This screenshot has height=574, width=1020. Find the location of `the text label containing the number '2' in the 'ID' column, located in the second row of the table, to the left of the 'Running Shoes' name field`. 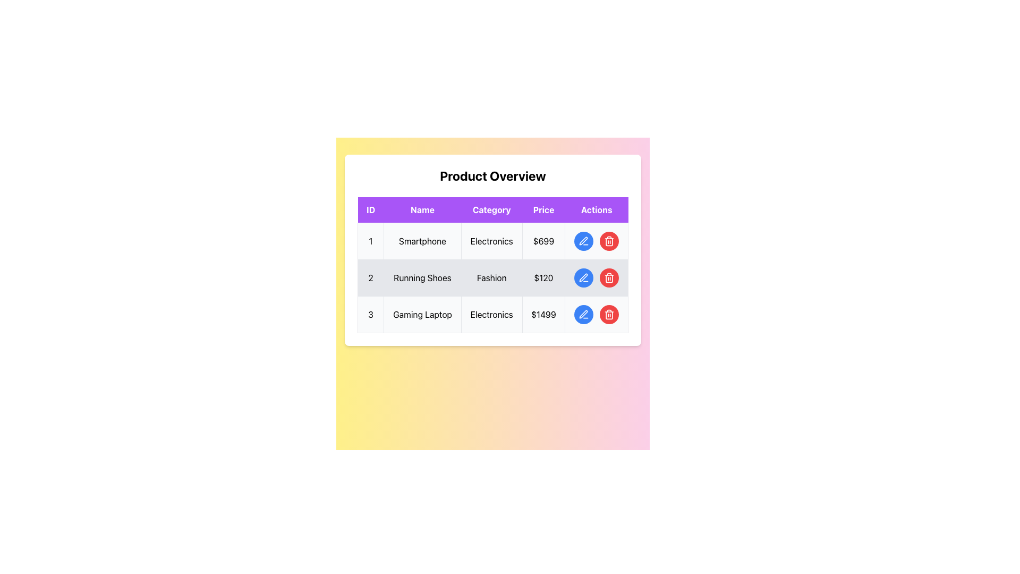

the text label containing the number '2' in the 'ID' column, located in the second row of the table, to the left of the 'Running Shoes' name field is located at coordinates (371, 277).